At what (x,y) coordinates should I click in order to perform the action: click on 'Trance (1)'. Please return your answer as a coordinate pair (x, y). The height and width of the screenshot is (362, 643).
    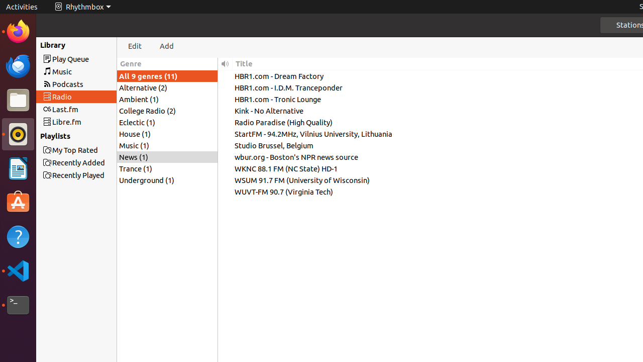
    Looking at the image, I should click on (167, 168).